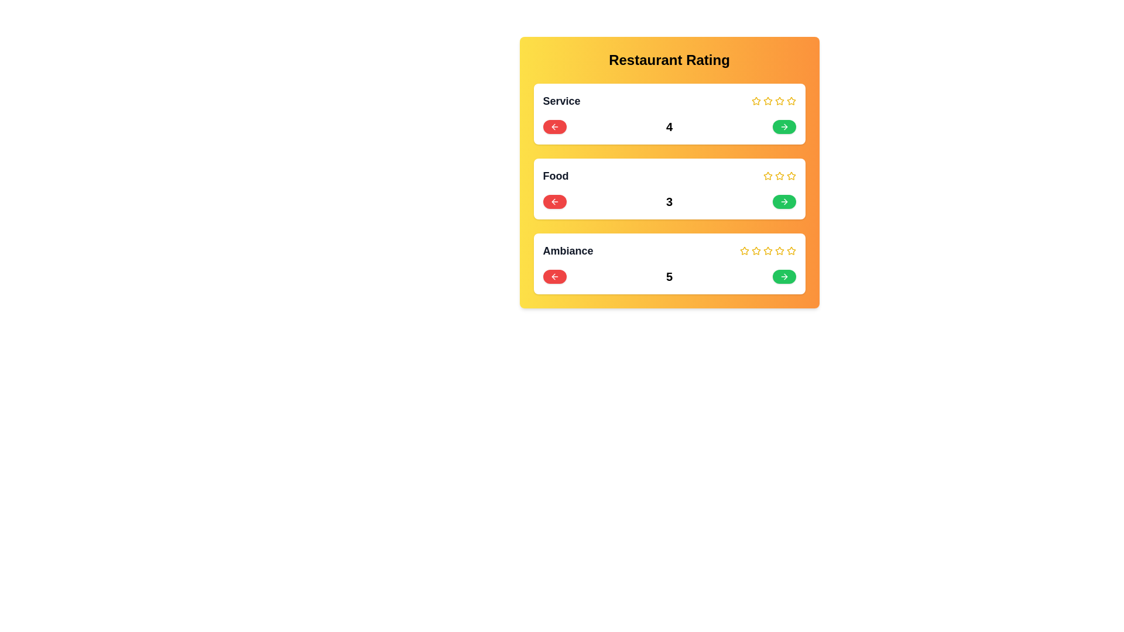  I want to click on the first rating star in the Service category, so click(791, 100).